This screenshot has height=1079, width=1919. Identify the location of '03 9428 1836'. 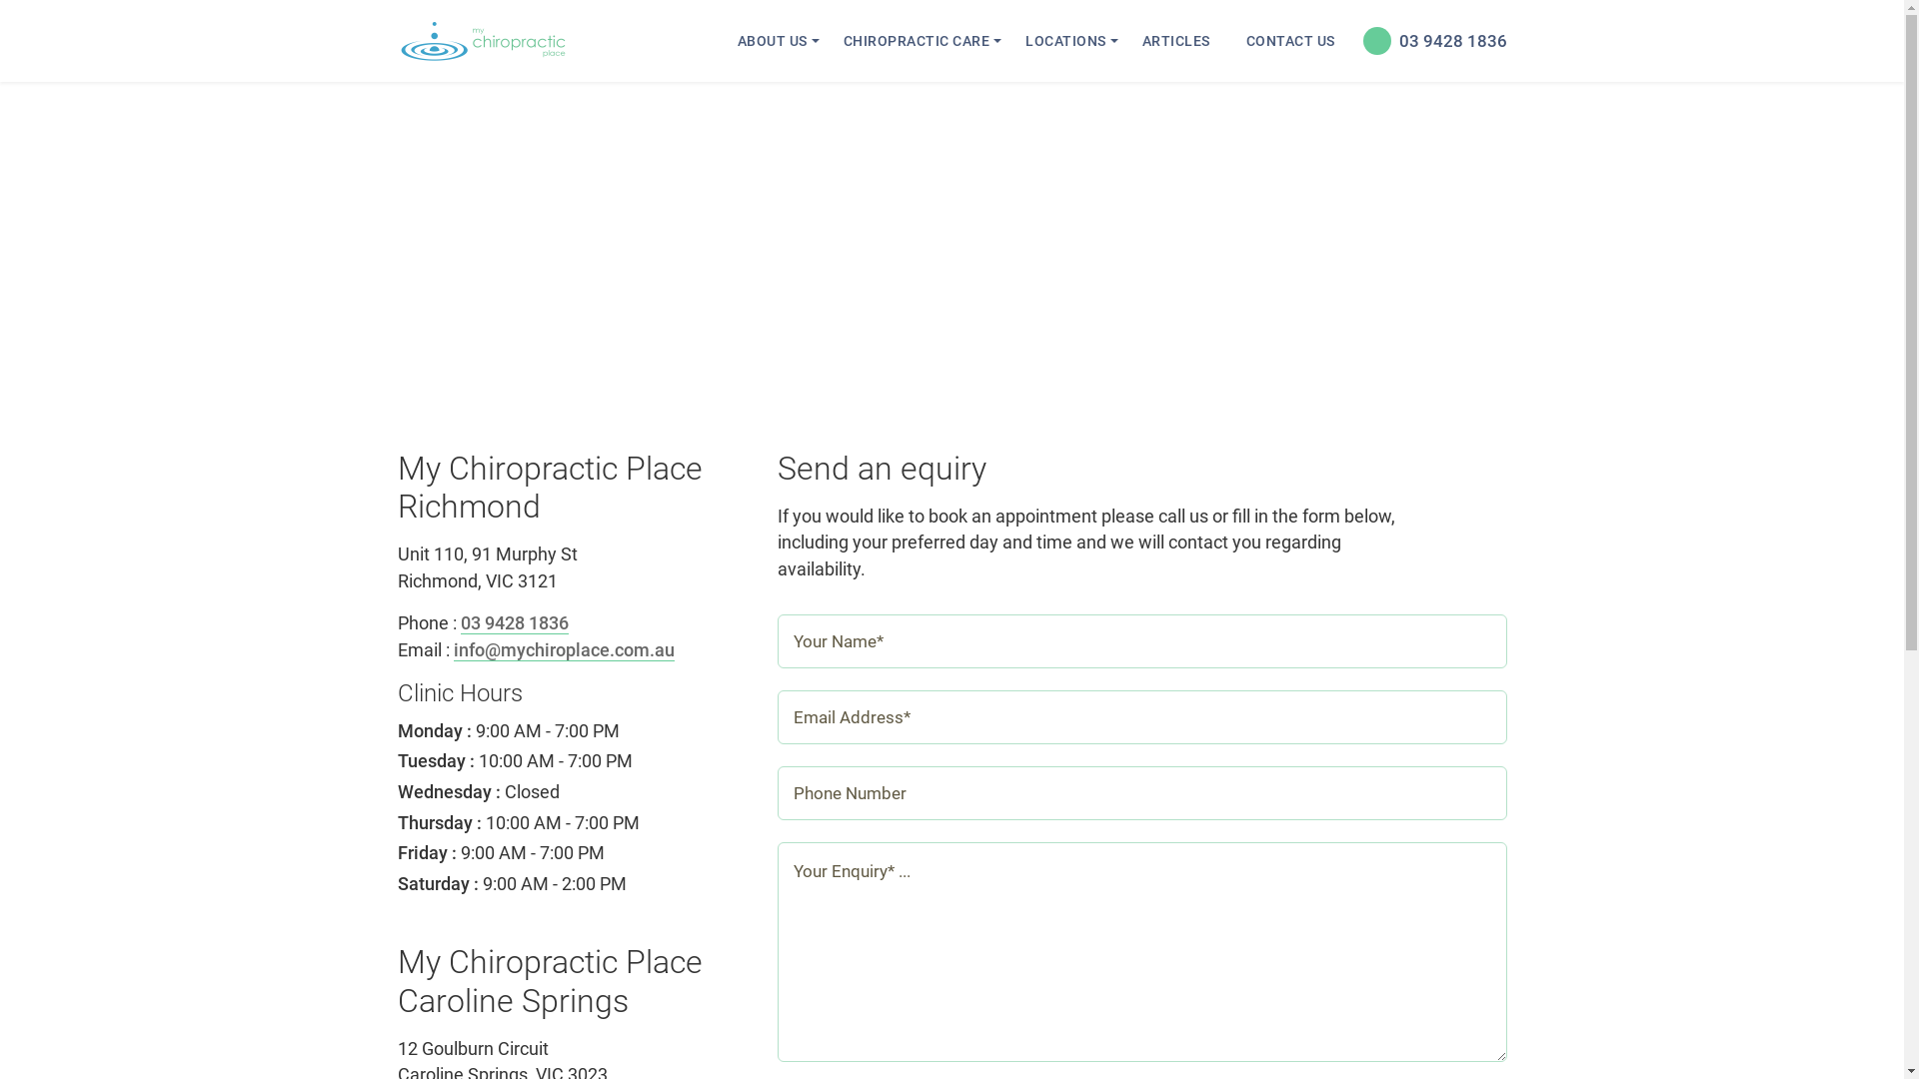
(1352, 41).